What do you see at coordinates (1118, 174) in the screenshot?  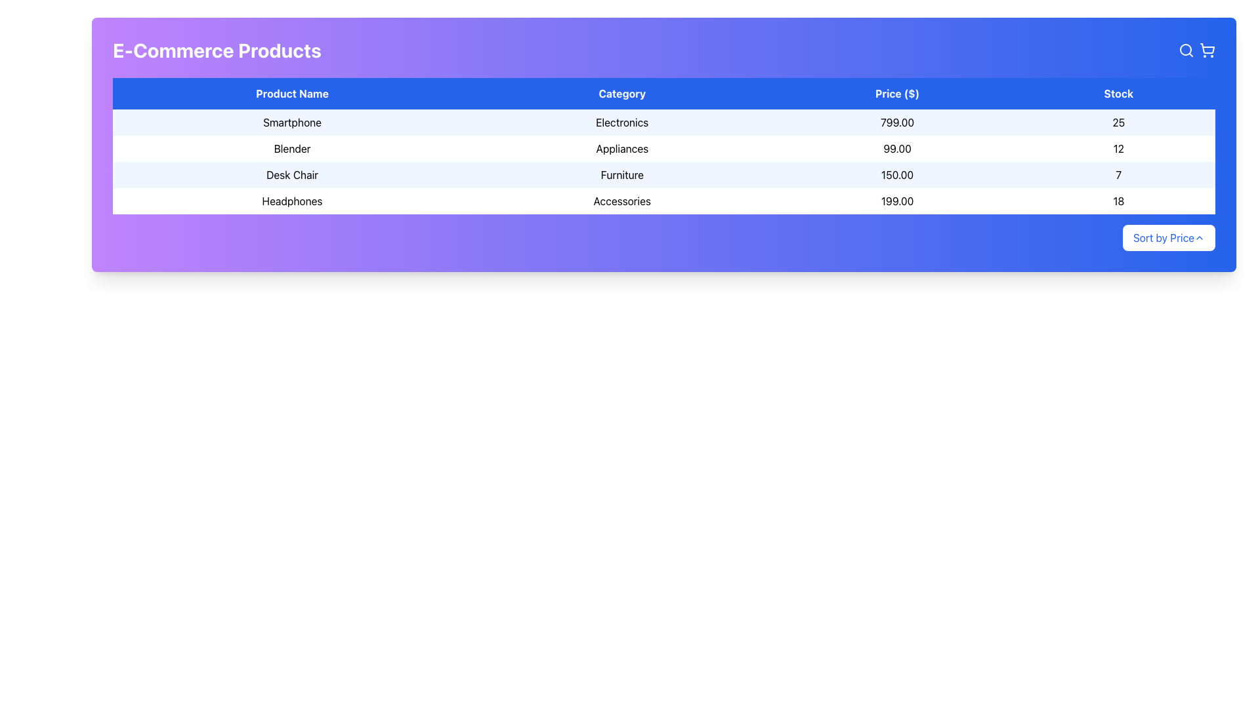 I see `the label displaying the stock quantity of the 'Desk Chair' product, which is the fourth cell in the row under the heading 'Stock'` at bounding box center [1118, 174].